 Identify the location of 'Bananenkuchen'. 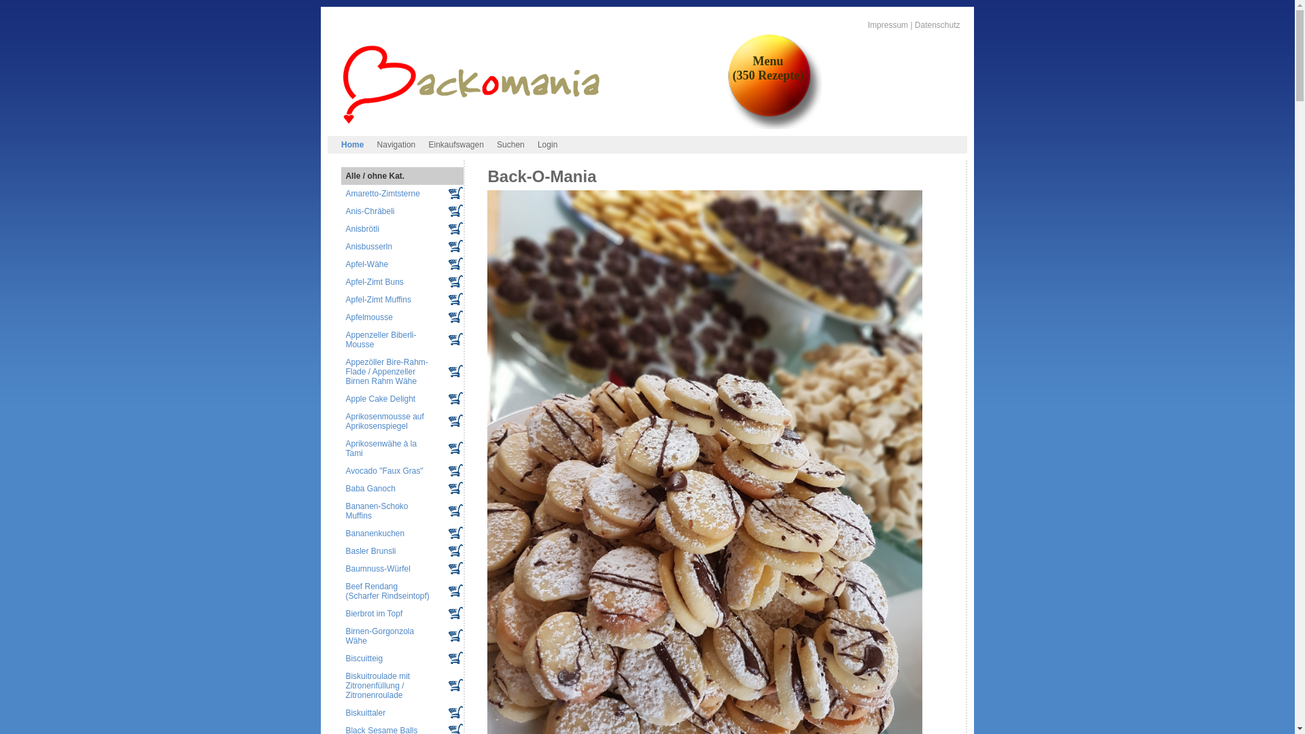
(375, 533).